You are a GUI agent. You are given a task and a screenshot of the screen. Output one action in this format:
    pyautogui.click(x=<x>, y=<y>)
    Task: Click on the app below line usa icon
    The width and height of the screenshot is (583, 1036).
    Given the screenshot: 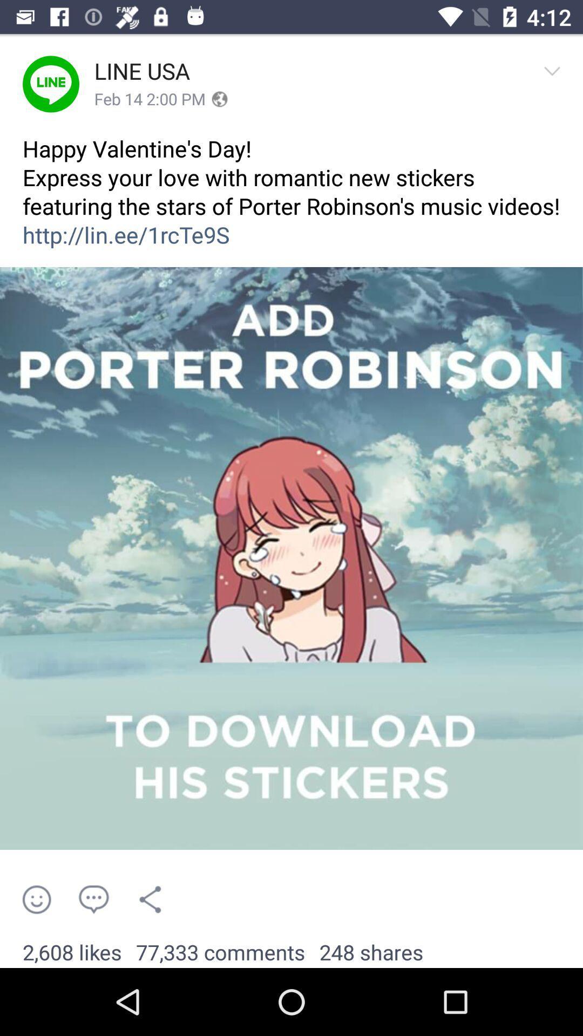 What is the action you would take?
    pyautogui.click(x=150, y=99)
    